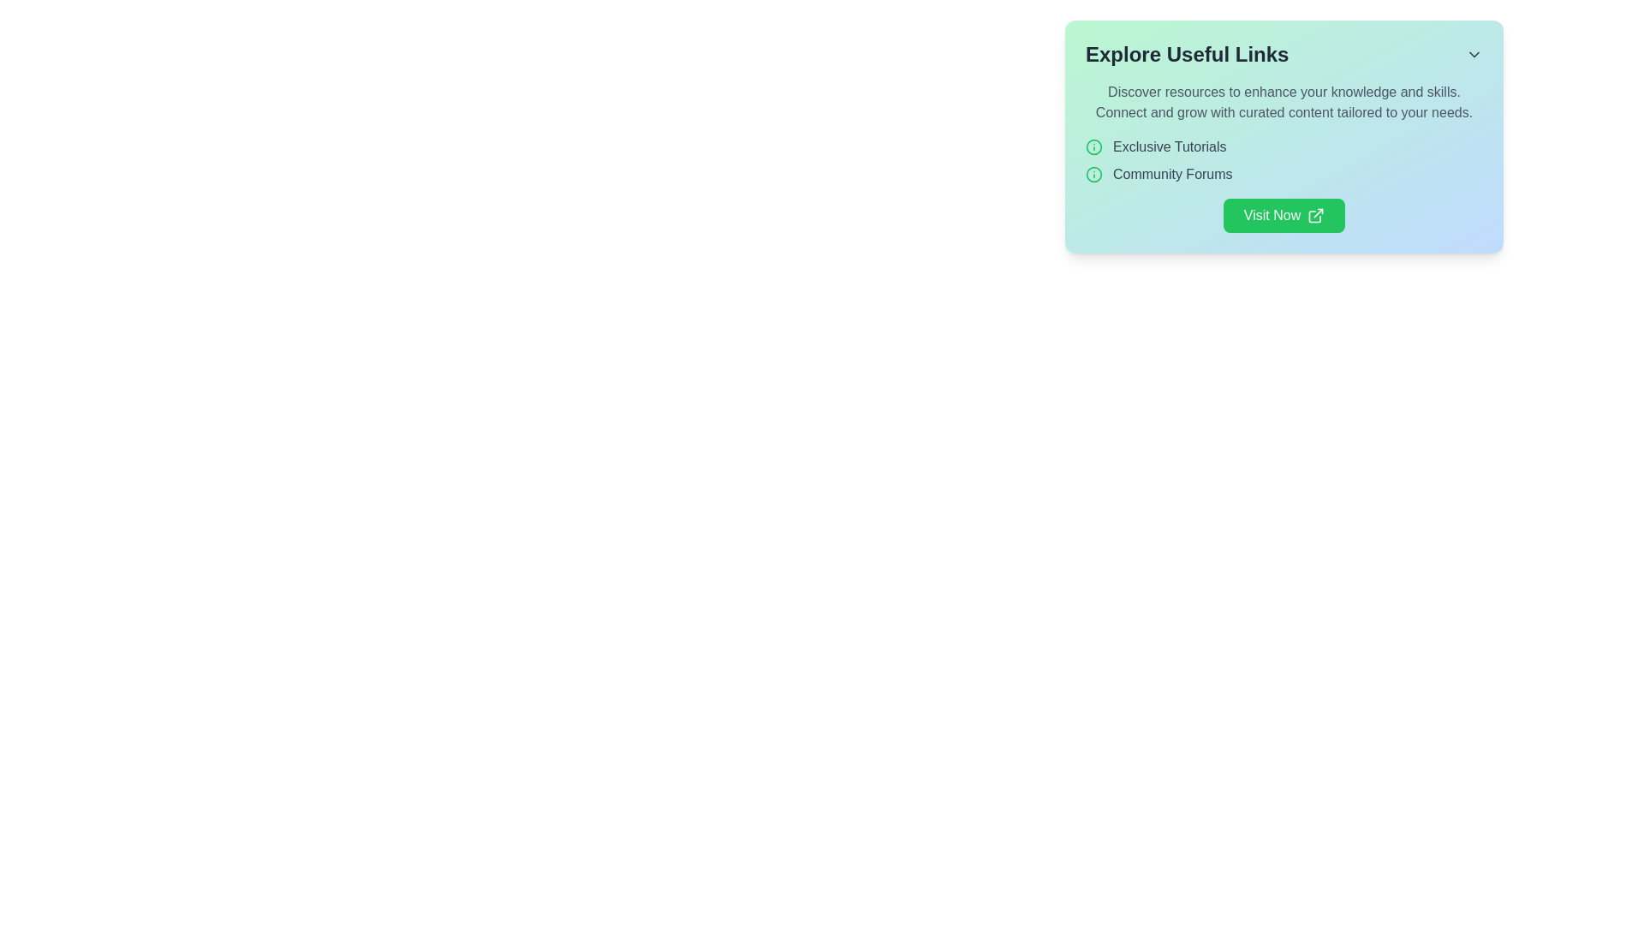 Image resolution: width=1644 pixels, height=925 pixels. I want to click on the downward pointing chevron icon in the header of the 'Explore Useful Links' card, so click(1474, 54).